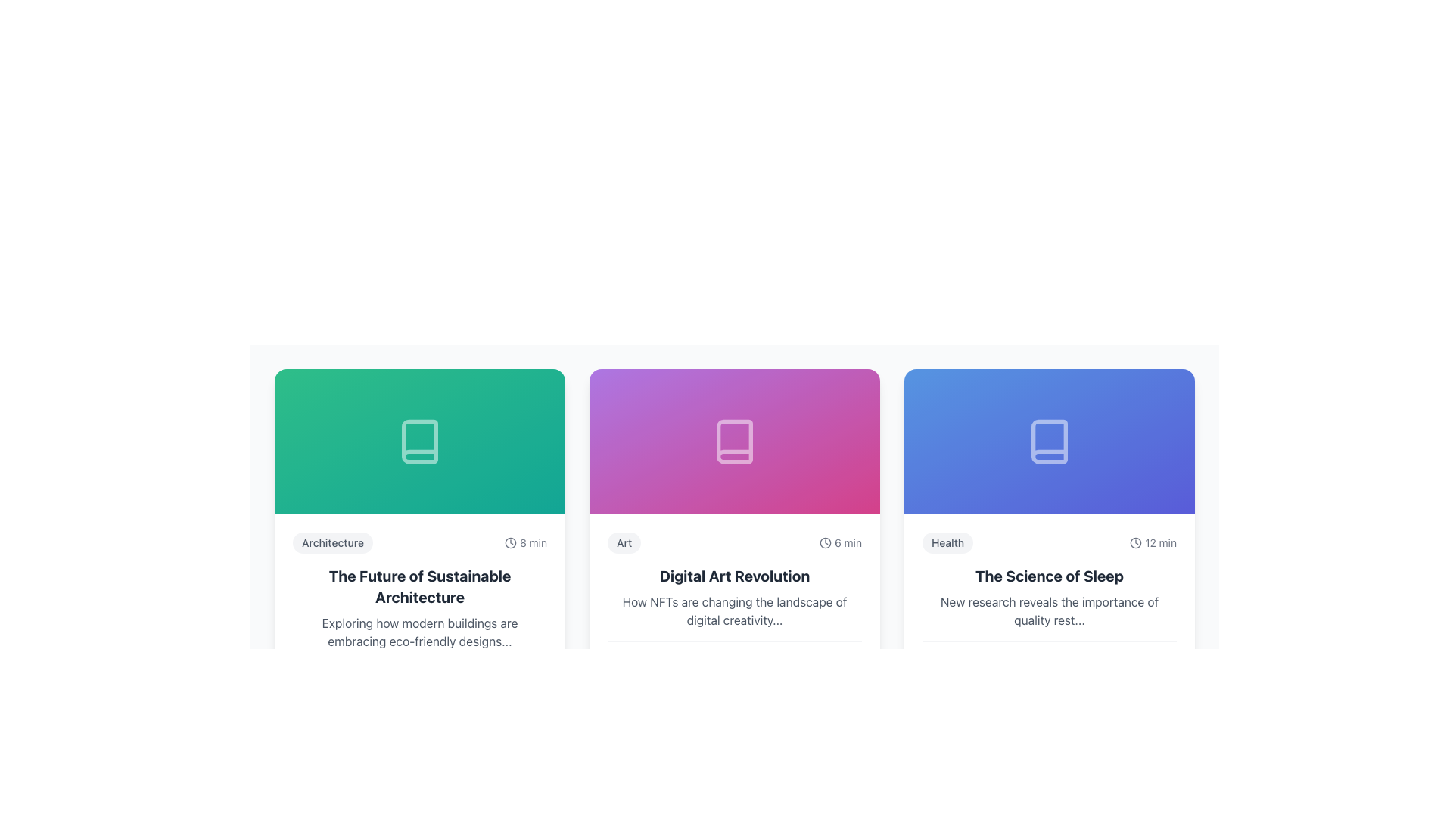 This screenshot has height=817, width=1453. I want to click on the outermost circular component of the clock-themed SVG graphic located at the top-right corner of 'The Future of Sustainable Architecture' card, so click(511, 542).